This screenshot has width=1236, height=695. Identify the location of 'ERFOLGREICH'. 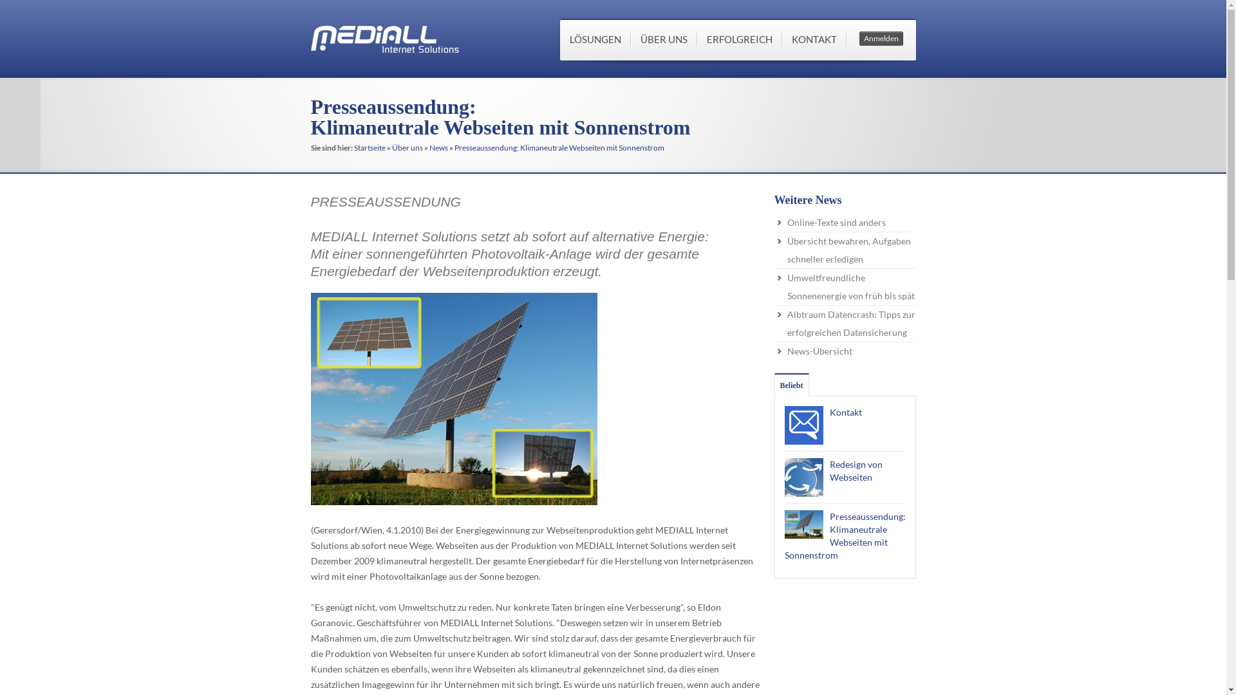
(738, 39).